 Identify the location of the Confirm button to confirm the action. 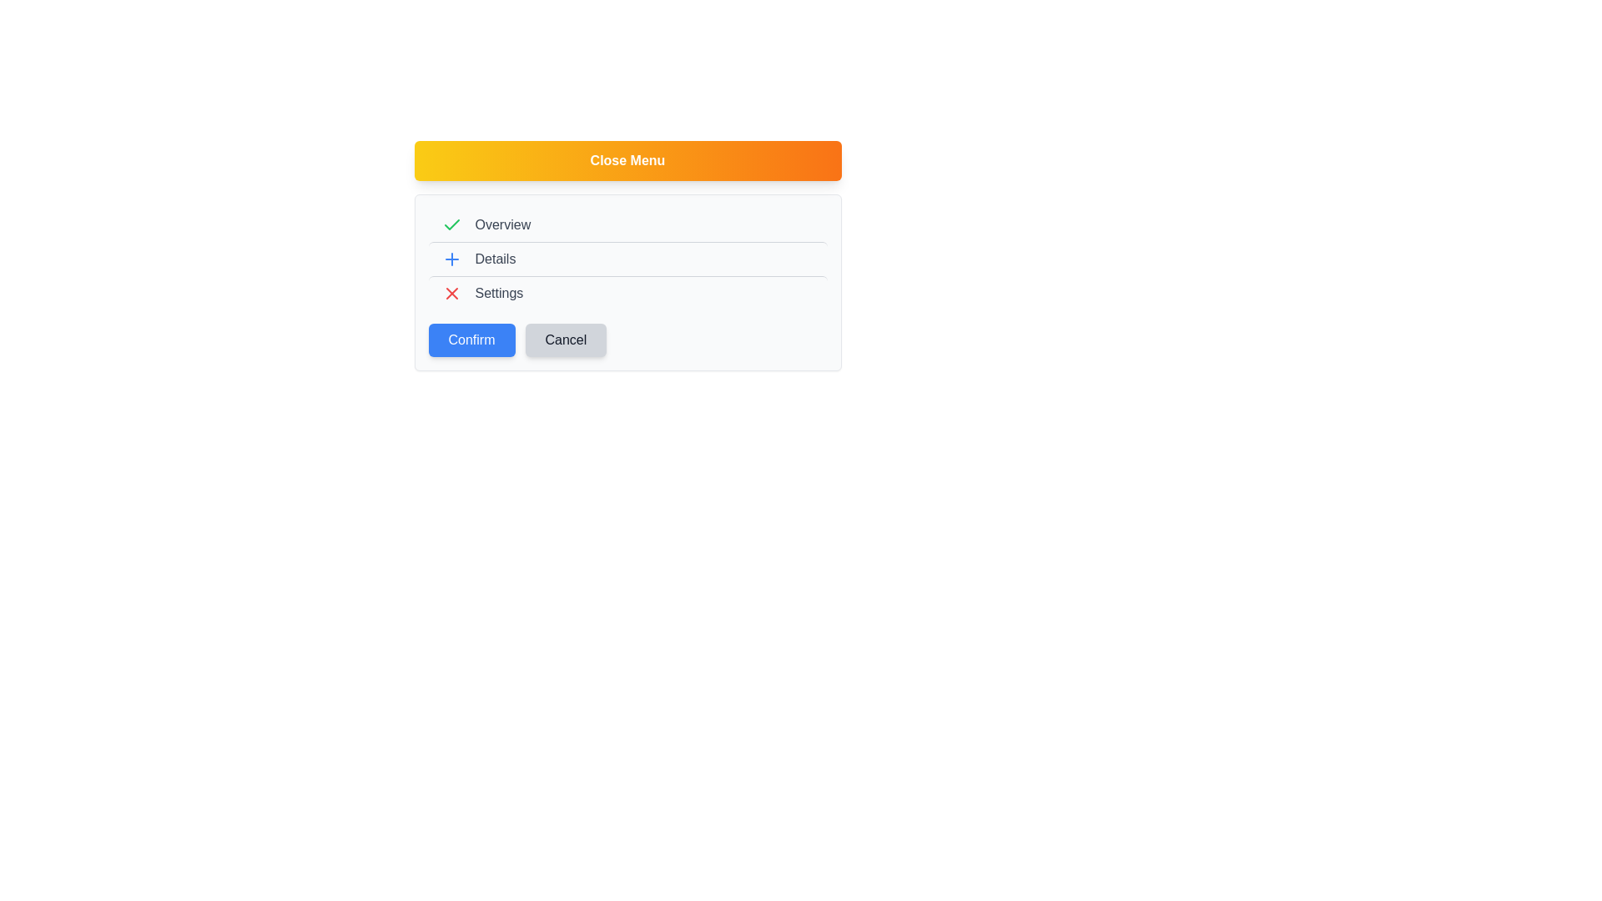
(471, 340).